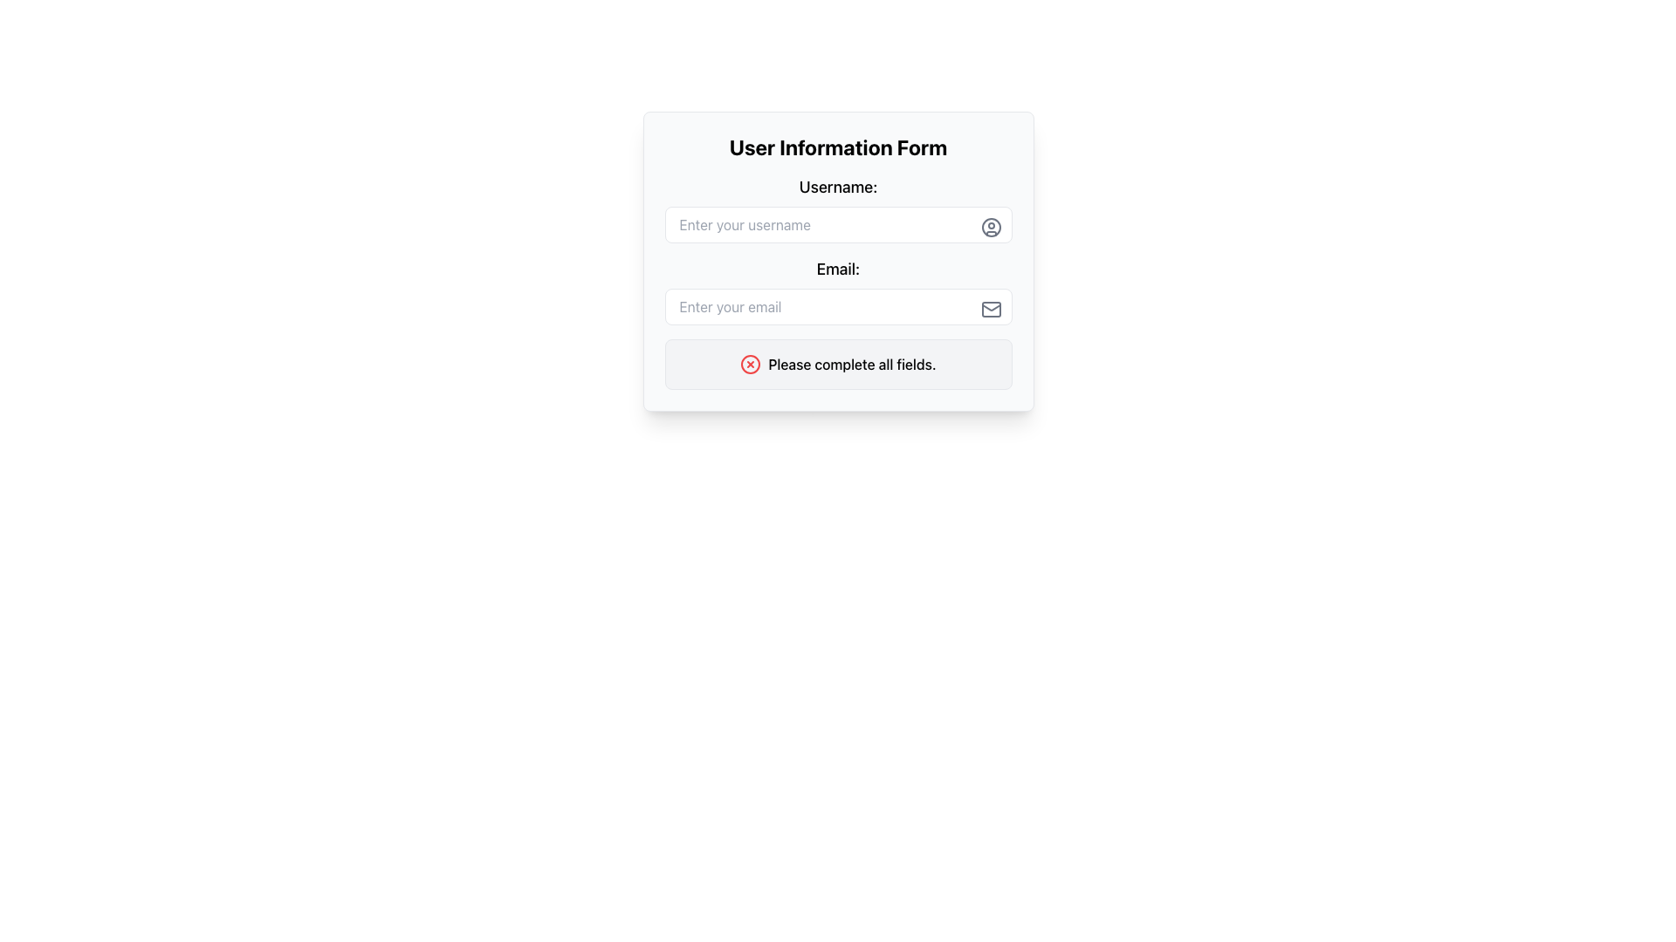 This screenshot has width=1676, height=942. I want to click on the red circular error icon with a white background and a red cross, located in the 'User Information Form' section, to the left of the error message 'Please complete all fields.', so click(751, 363).